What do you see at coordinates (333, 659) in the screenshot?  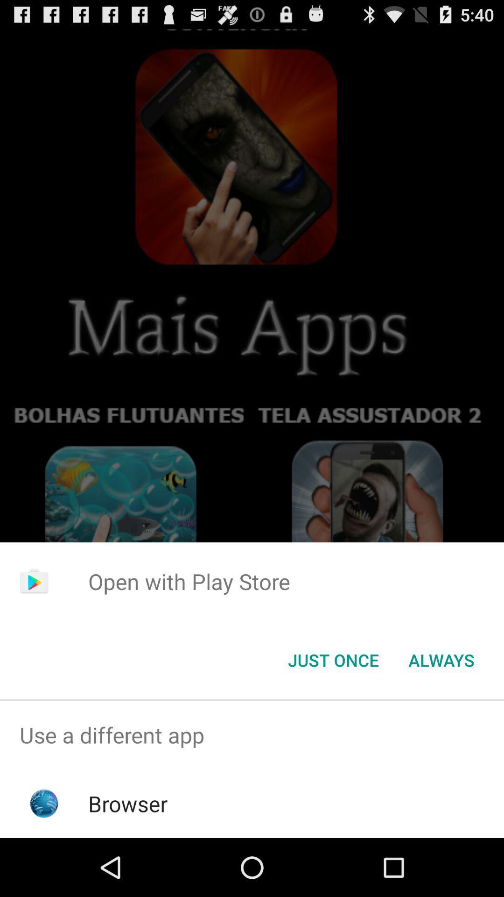 I see `just once icon` at bounding box center [333, 659].